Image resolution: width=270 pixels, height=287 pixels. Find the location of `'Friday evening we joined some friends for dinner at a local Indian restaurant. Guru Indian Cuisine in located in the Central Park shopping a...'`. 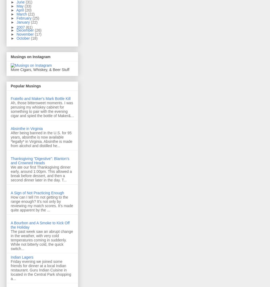

'Friday evening we joined some friends for dinner at a local Indian restaurant. Guru Indian Cuisine in located in the Central Park shopping a...' is located at coordinates (41, 270).